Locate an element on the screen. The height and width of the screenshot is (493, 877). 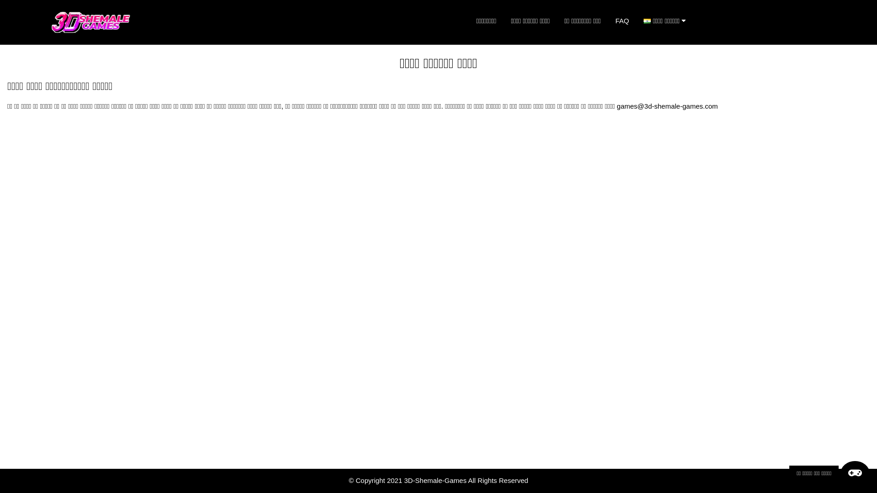
'FAQ' is located at coordinates (622, 21).